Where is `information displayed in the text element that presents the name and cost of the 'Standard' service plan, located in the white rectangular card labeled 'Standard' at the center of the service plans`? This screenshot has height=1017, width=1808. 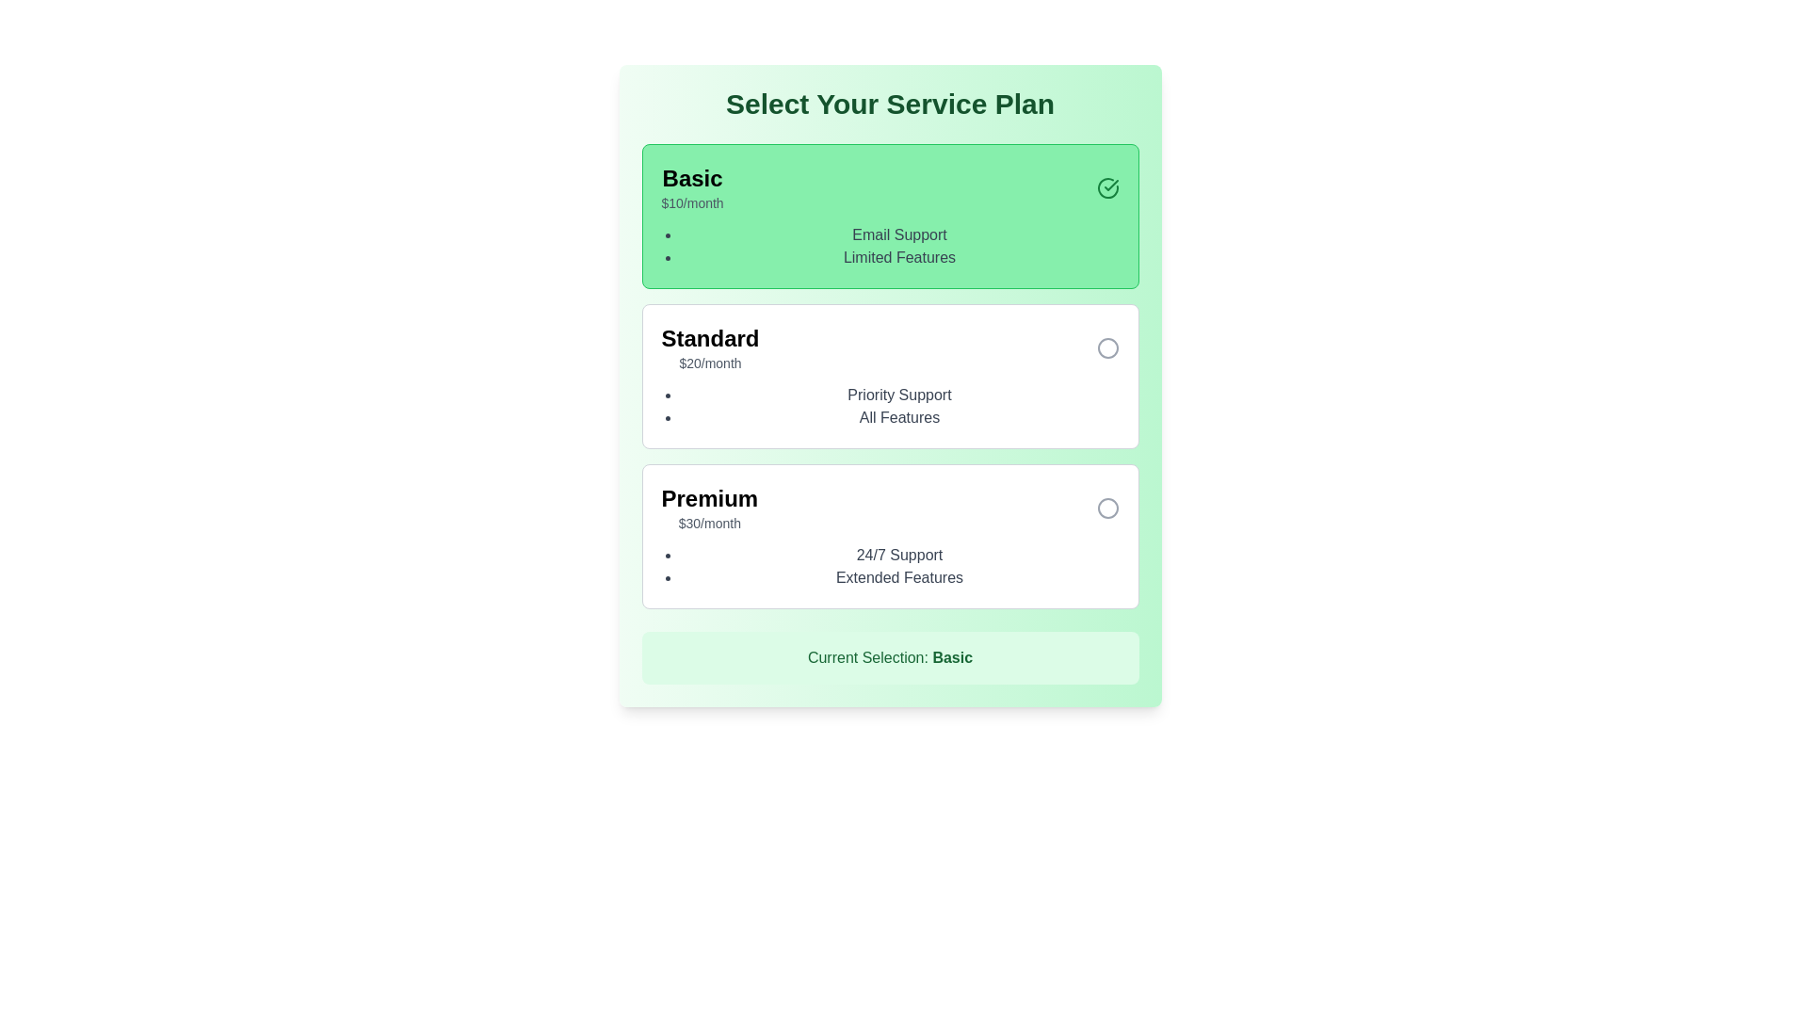 information displayed in the text element that presents the name and cost of the 'Standard' service plan, located in the white rectangular card labeled 'Standard' at the center of the service plans is located at coordinates (709, 348).